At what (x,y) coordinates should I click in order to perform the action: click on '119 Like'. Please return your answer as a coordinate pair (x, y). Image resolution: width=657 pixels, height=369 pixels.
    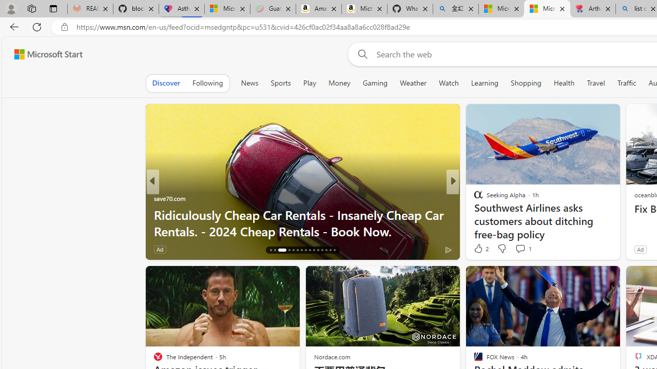
    Looking at the image, I should click on (480, 249).